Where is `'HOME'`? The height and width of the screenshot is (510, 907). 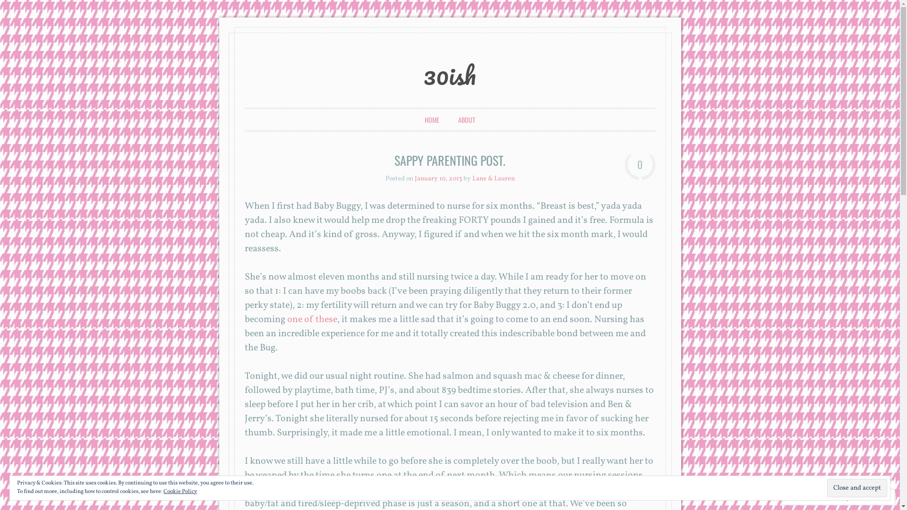 'HOME' is located at coordinates (431, 119).